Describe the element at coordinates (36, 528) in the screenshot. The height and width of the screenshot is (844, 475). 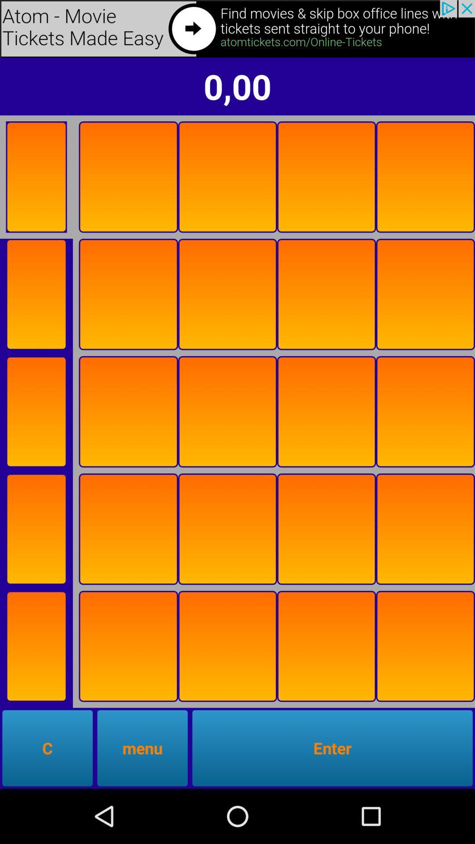
I see `section` at that location.